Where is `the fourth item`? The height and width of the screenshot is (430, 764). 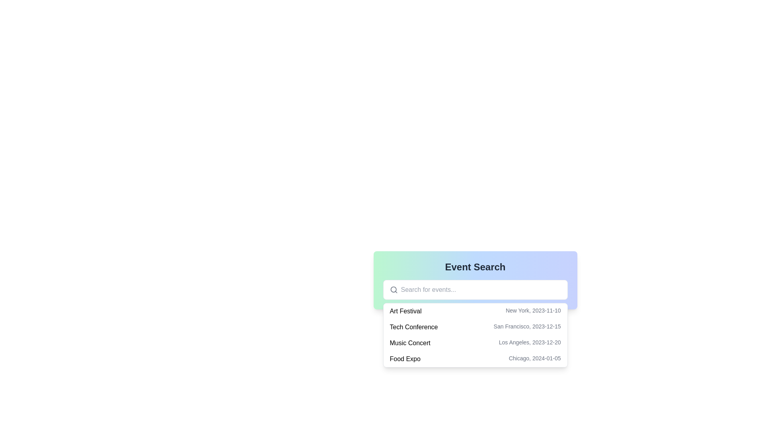 the fourth item is located at coordinates (475, 359).